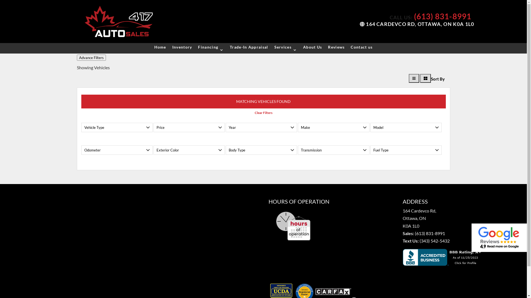  I want to click on 'web-logo', so click(84, 21).